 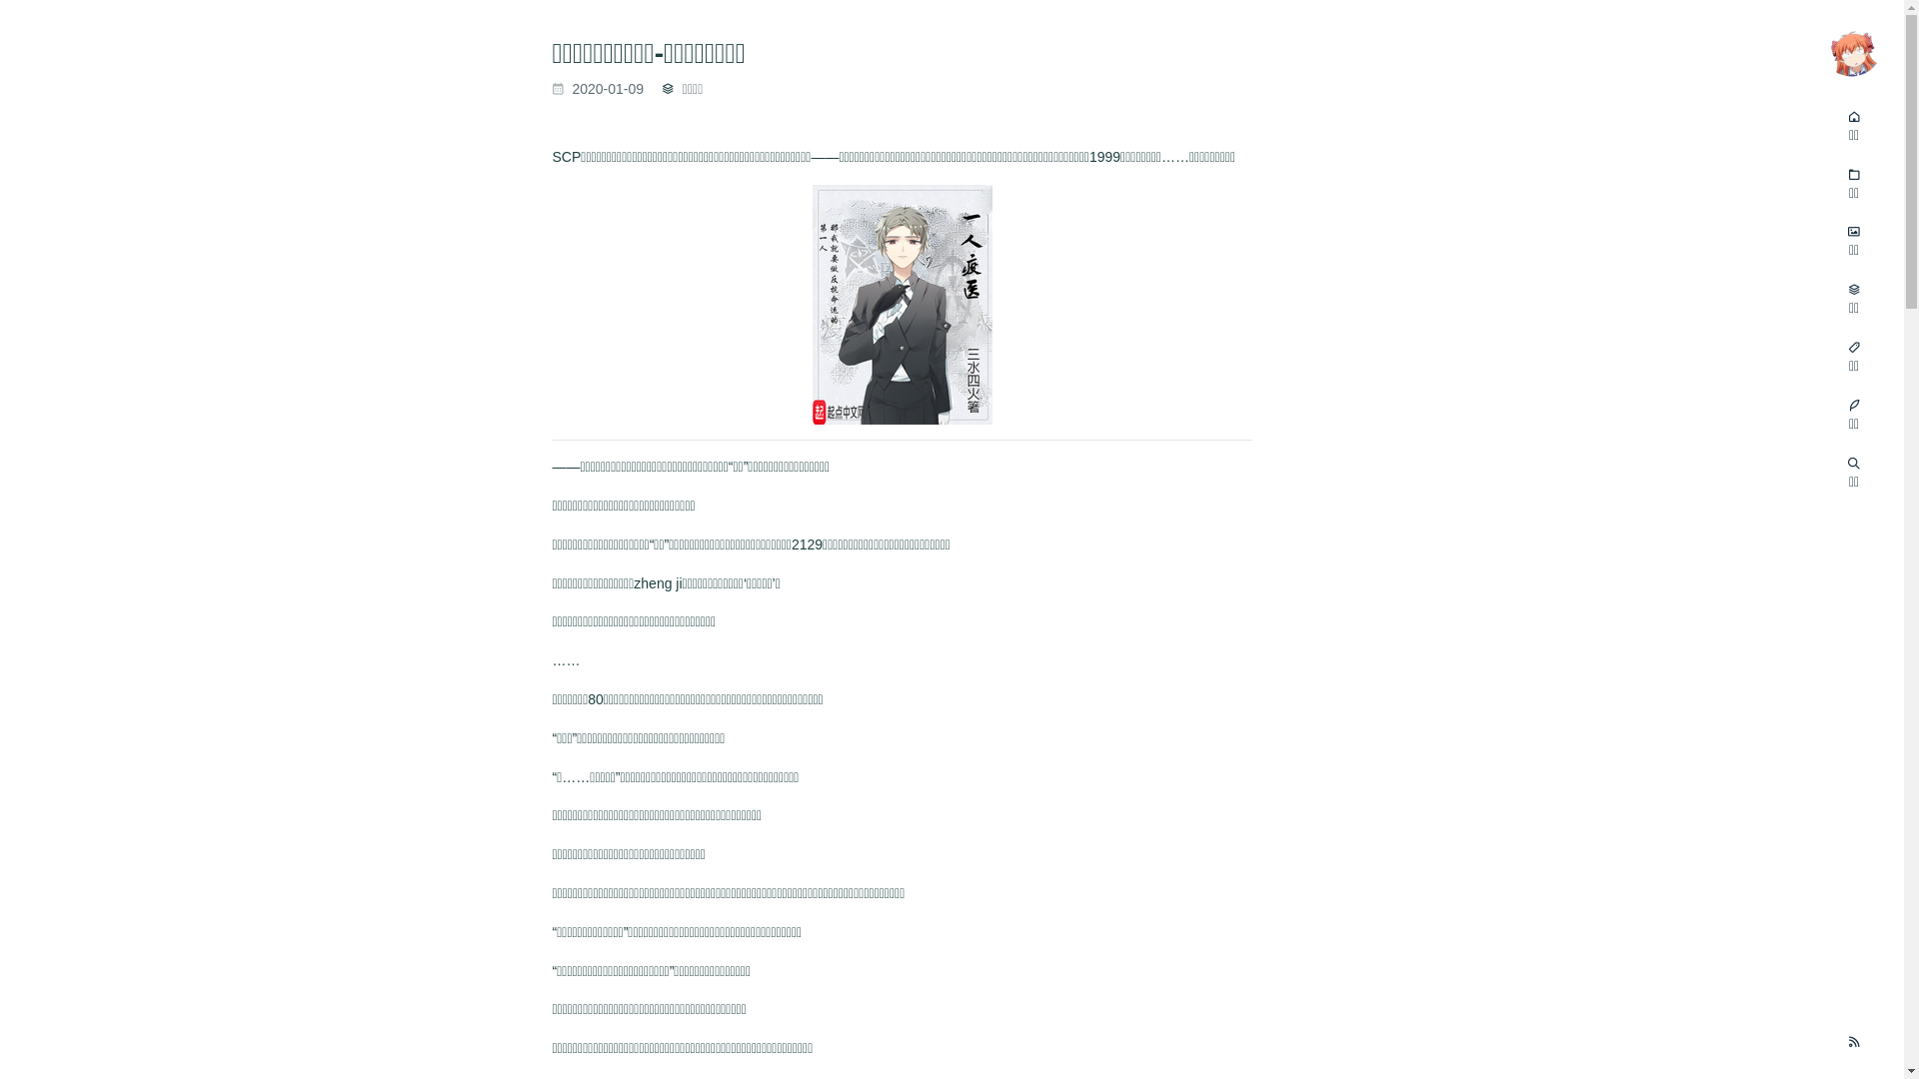 What do you see at coordinates (598, 87) in the screenshot?
I see `'2020-01-09'` at bounding box center [598, 87].